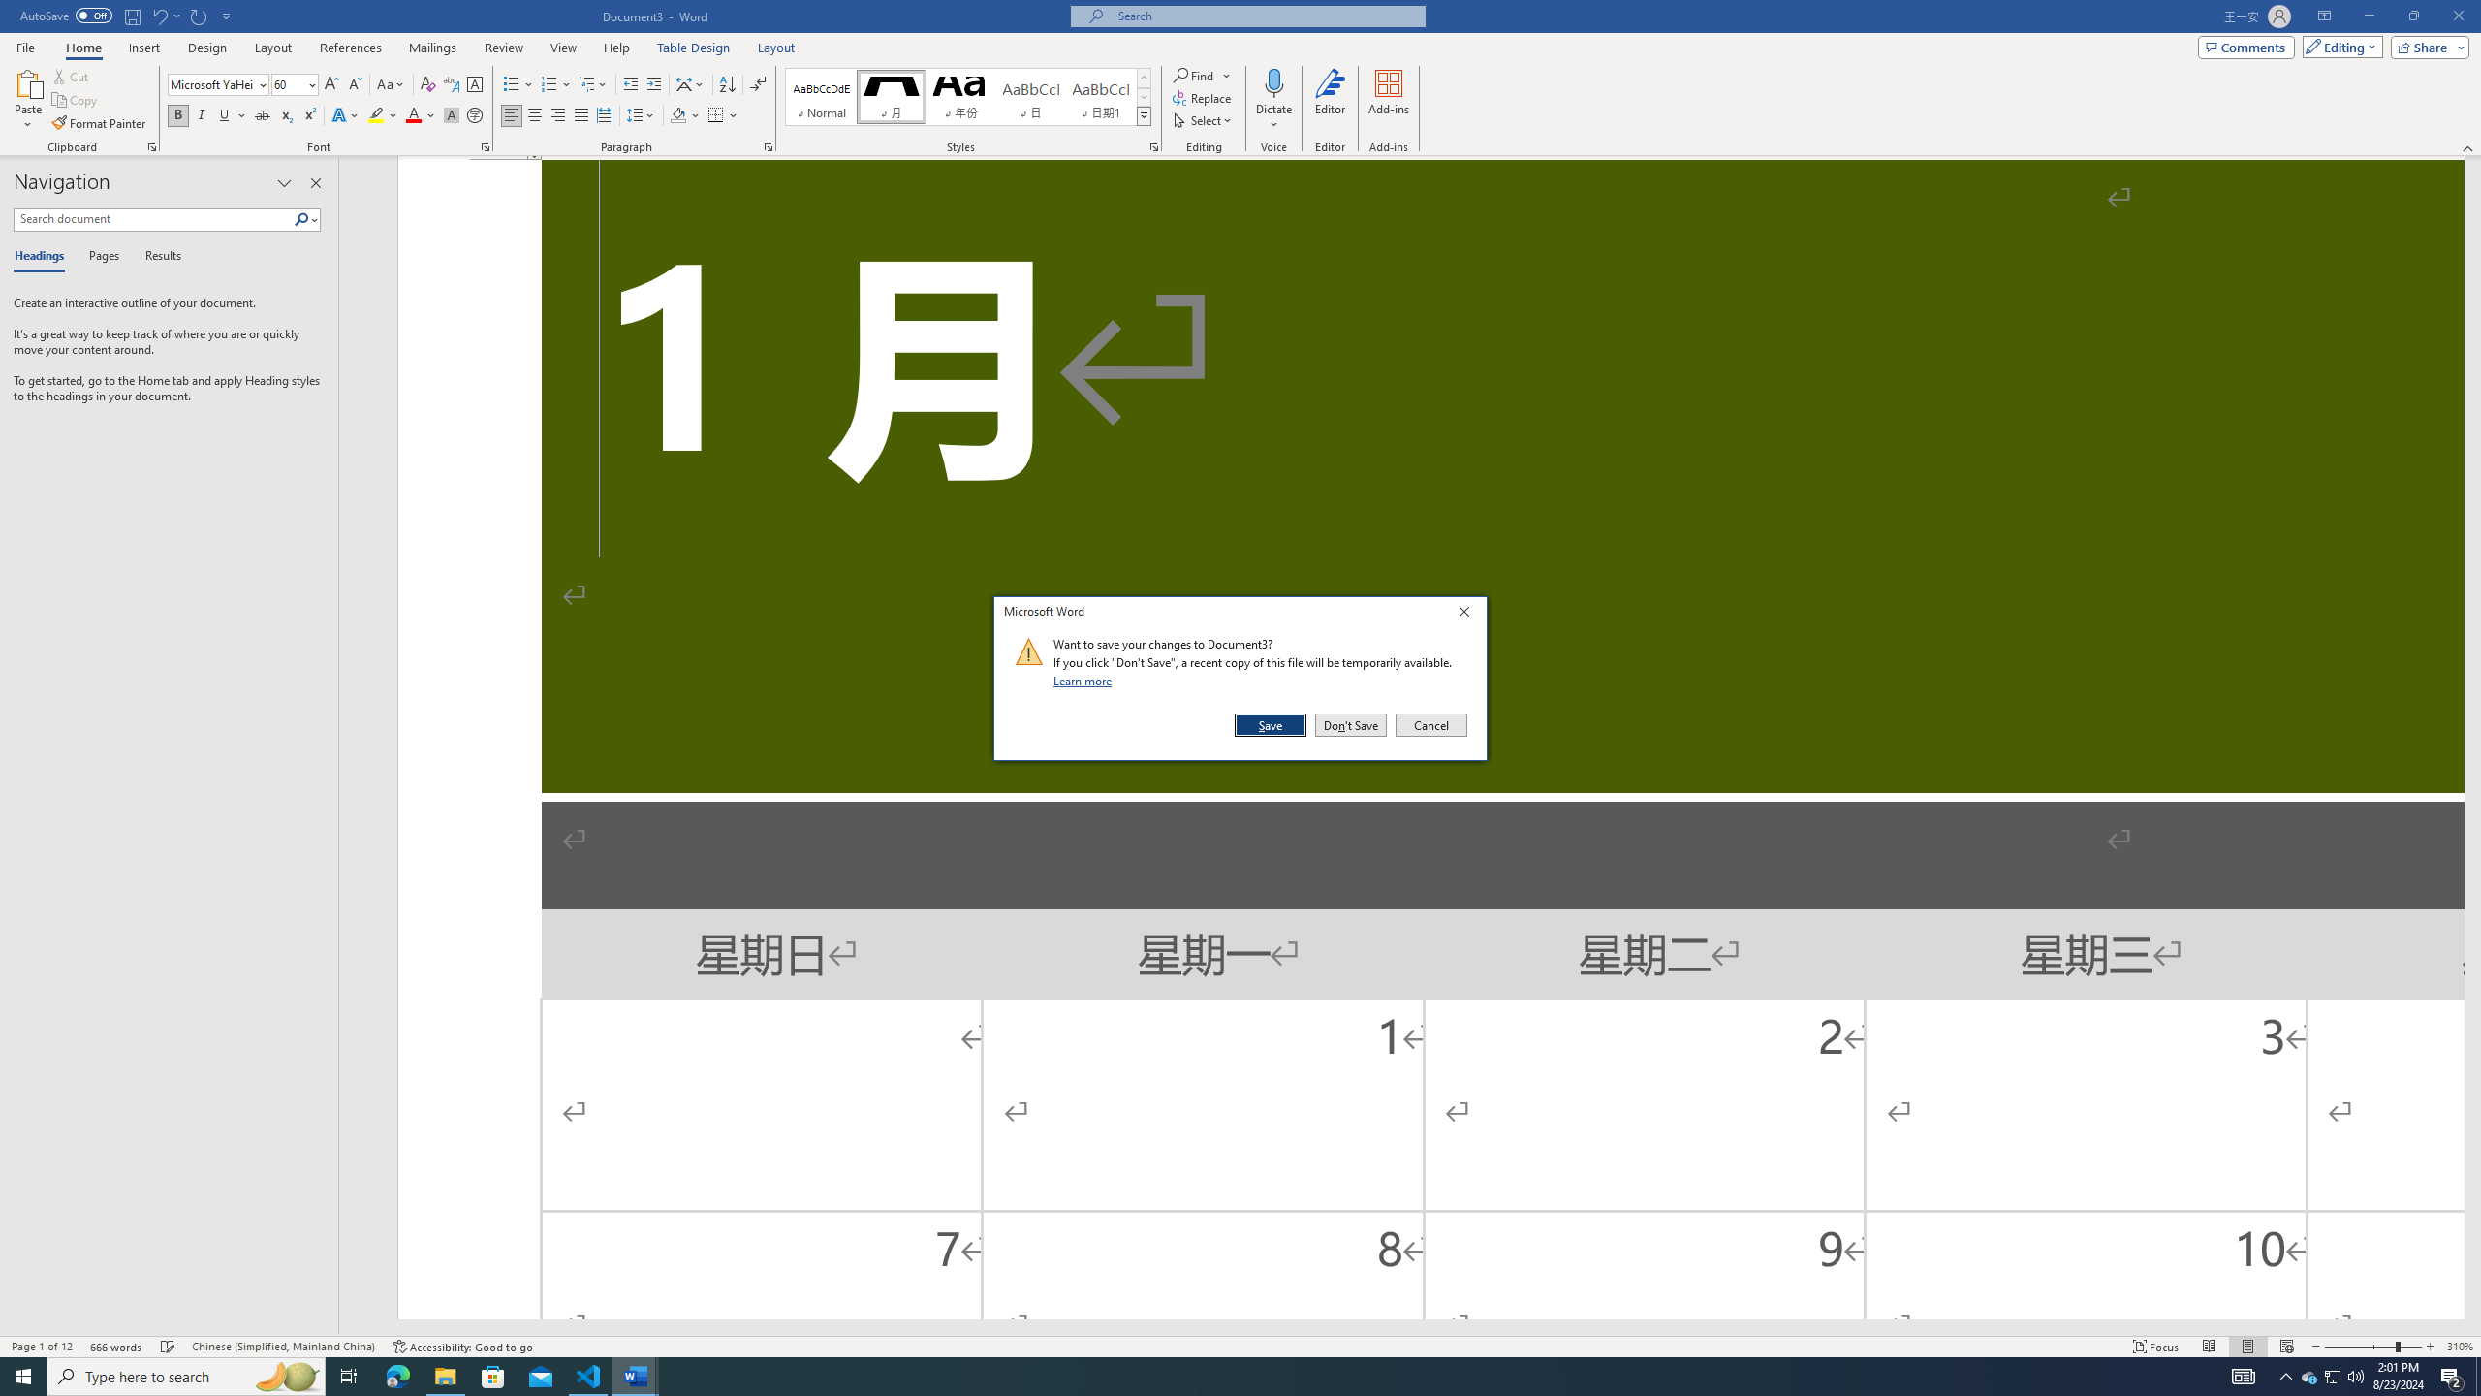 The image size is (2481, 1396). What do you see at coordinates (2332, 1375) in the screenshot?
I see `'User Promoted Notification Area'` at bounding box center [2332, 1375].